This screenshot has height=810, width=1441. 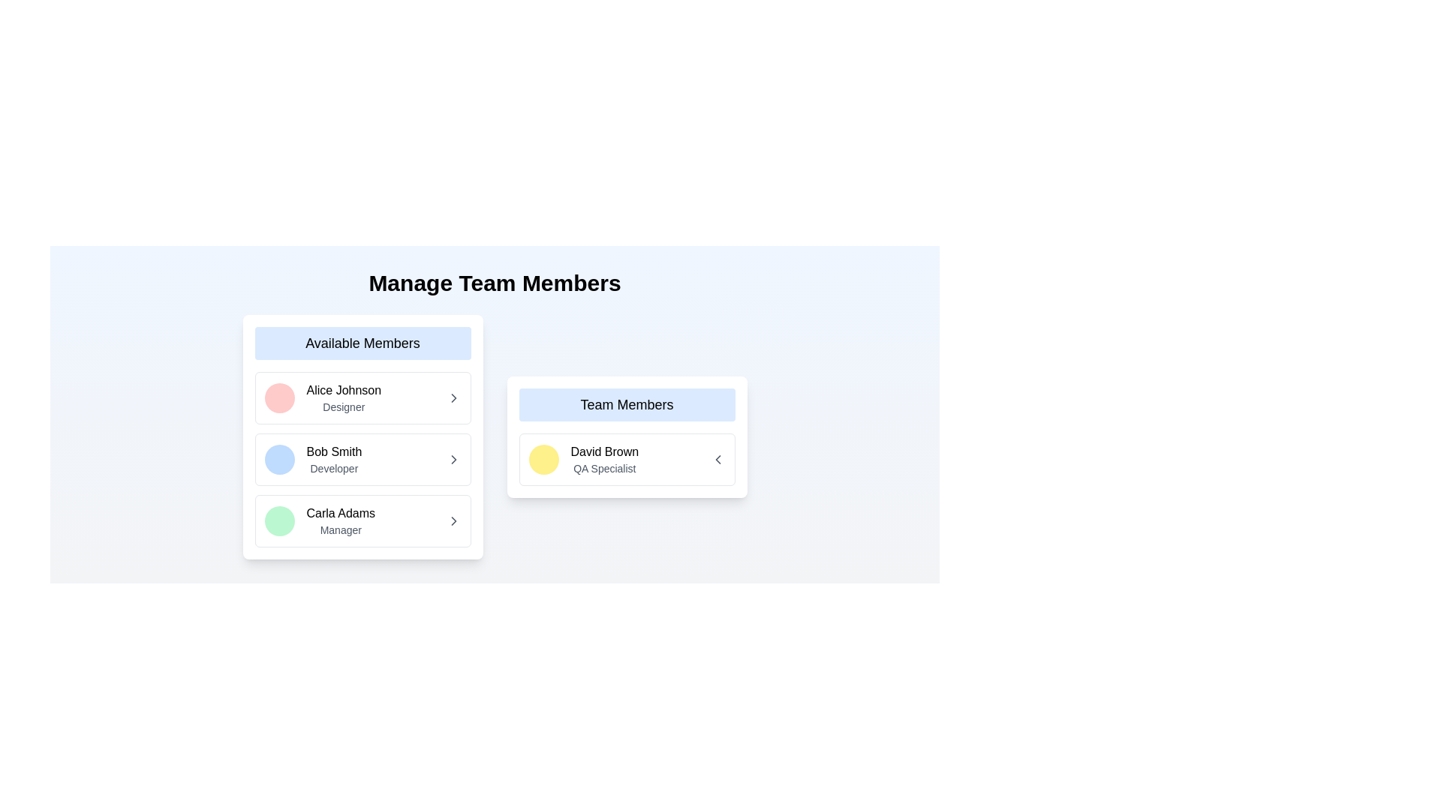 What do you see at coordinates (342, 397) in the screenshot?
I see `to select the text block representing team member Alice Johnson, who has the role of Designer, located in the list of 'Available Members'` at bounding box center [342, 397].